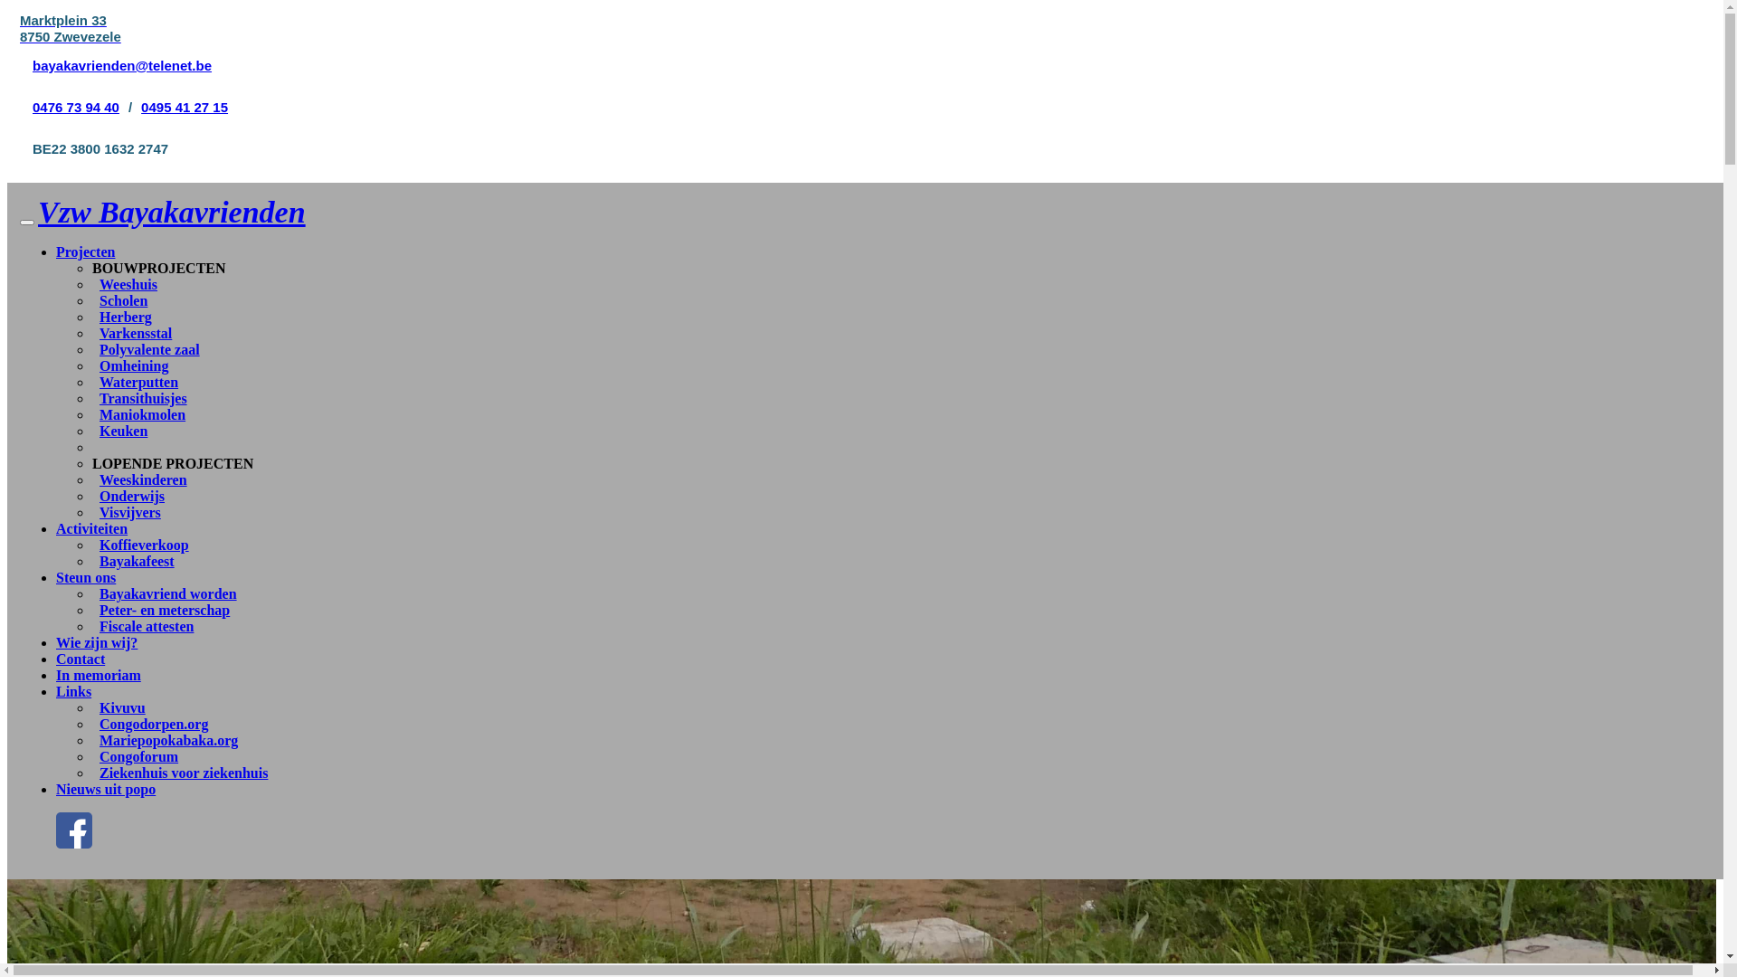 This screenshot has height=977, width=1737. Describe the element at coordinates (118, 707) in the screenshot. I see `'Kivuvu'` at that location.